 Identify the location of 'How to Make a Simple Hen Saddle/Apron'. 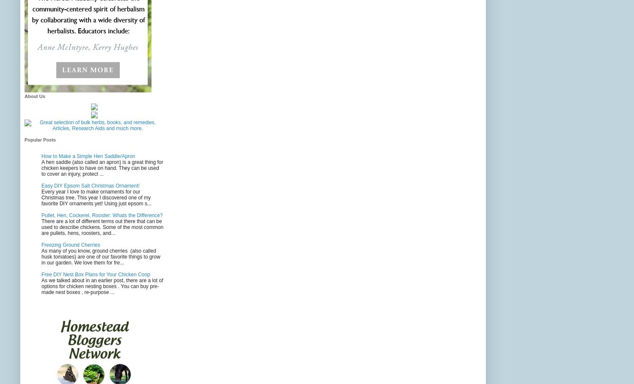
(88, 155).